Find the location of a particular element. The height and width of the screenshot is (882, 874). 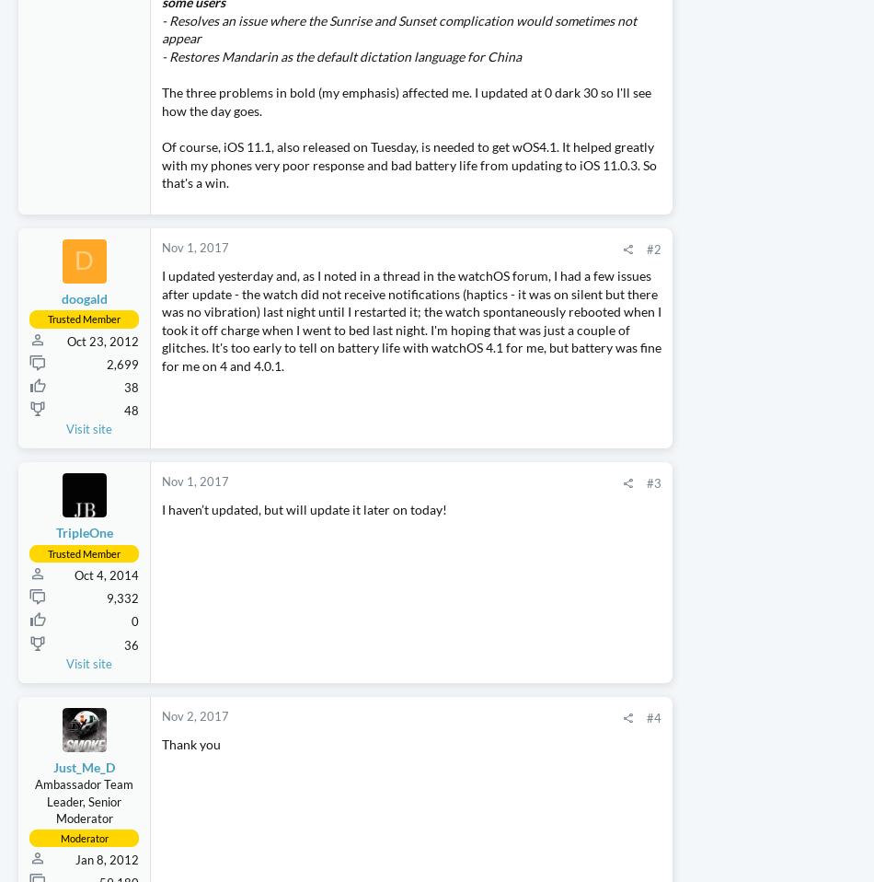

'I updated yesterday and, as I noted in a thread in the watchOS forum, I had a few issues after update - the watch did not receive notifications (haptics - it was on silent but there was no vibration) last night until I restarted it; the watch spontaneously rebooted when I took it off charge when I went to bed last night. I'm hoping that was just a couple of glitches. It's too early to tell on battery life with watchOS 4.1 for me, but battery was fine for me on 4 and 4.0.1.' is located at coordinates (352, 383).